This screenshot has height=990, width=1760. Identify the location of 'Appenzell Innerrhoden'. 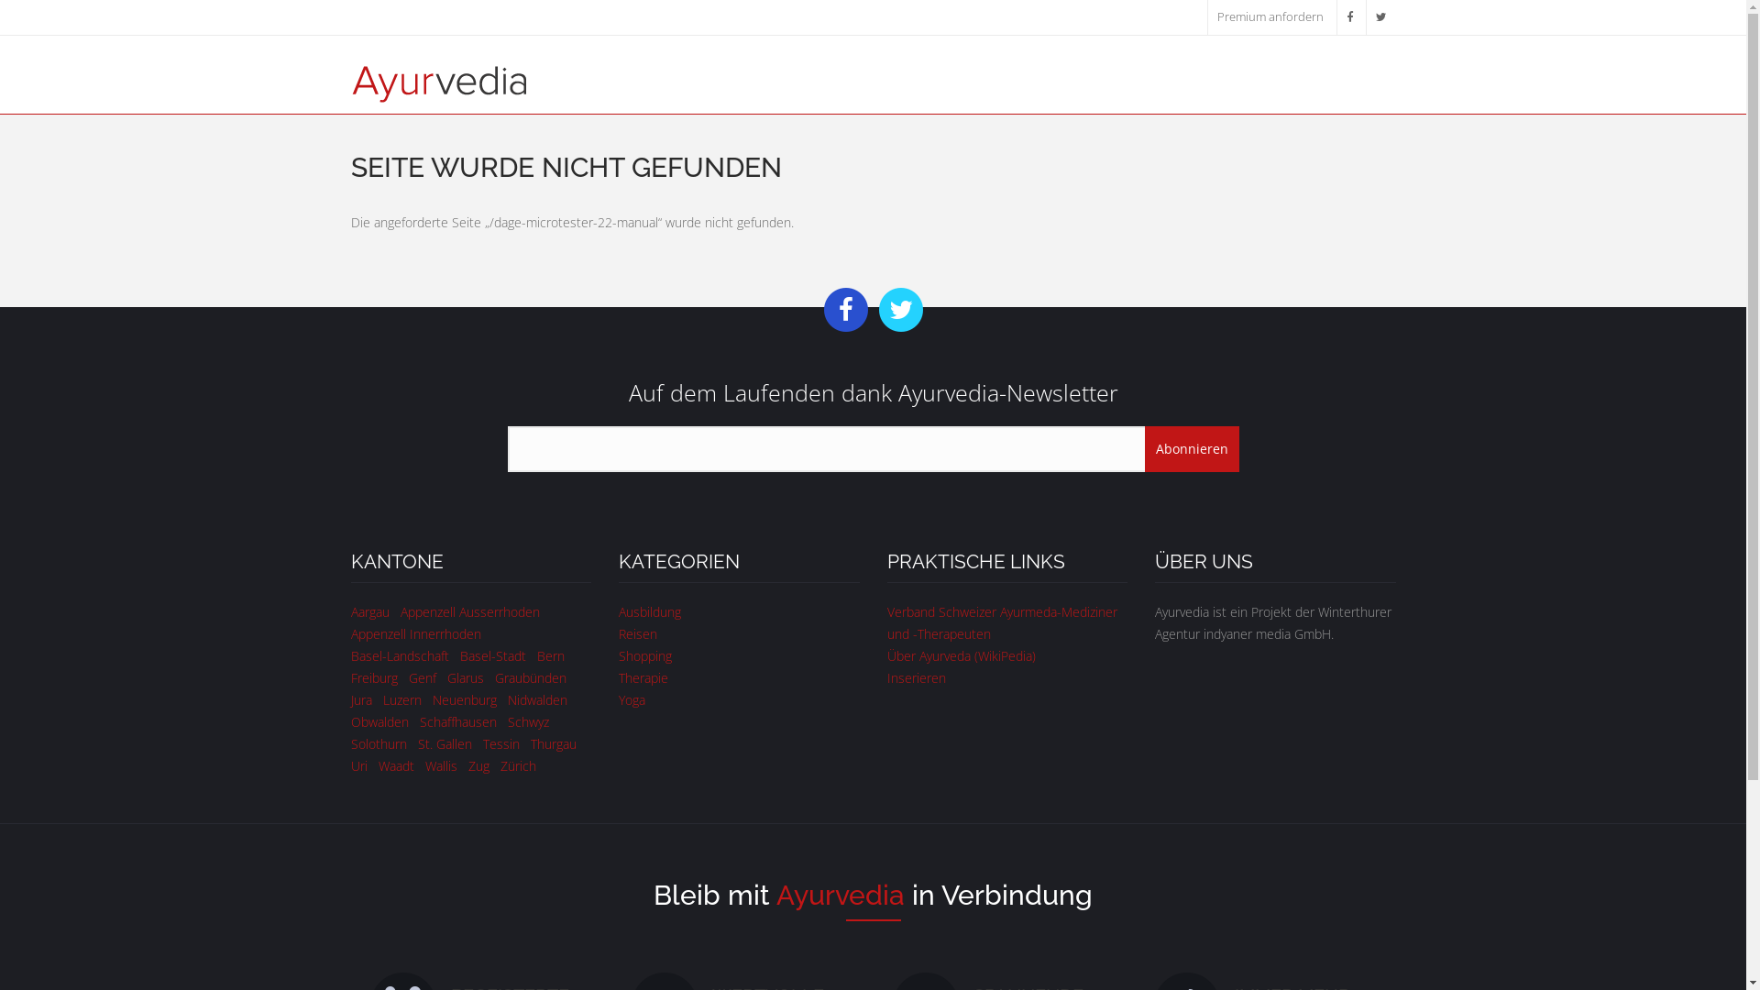
(413, 632).